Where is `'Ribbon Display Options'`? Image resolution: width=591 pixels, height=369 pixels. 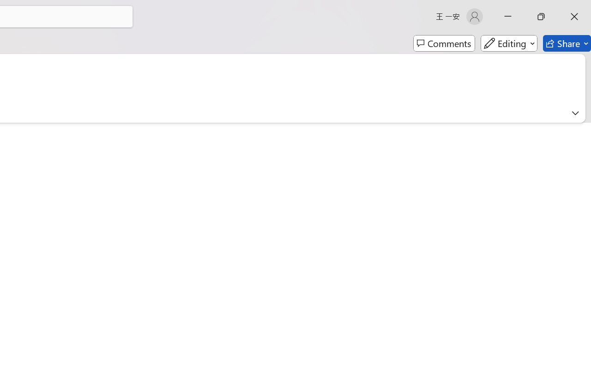 'Ribbon Display Options' is located at coordinates (575, 113).